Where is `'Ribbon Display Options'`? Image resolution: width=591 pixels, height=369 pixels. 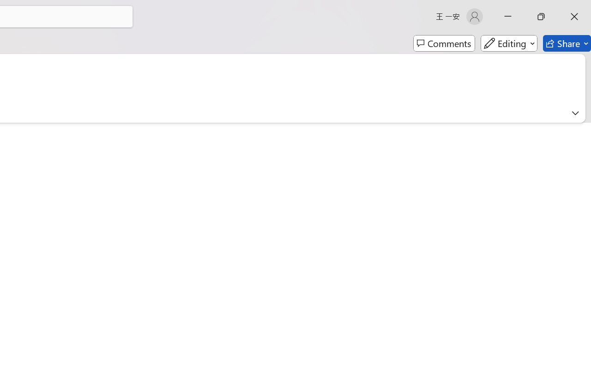 'Ribbon Display Options' is located at coordinates (575, 113).